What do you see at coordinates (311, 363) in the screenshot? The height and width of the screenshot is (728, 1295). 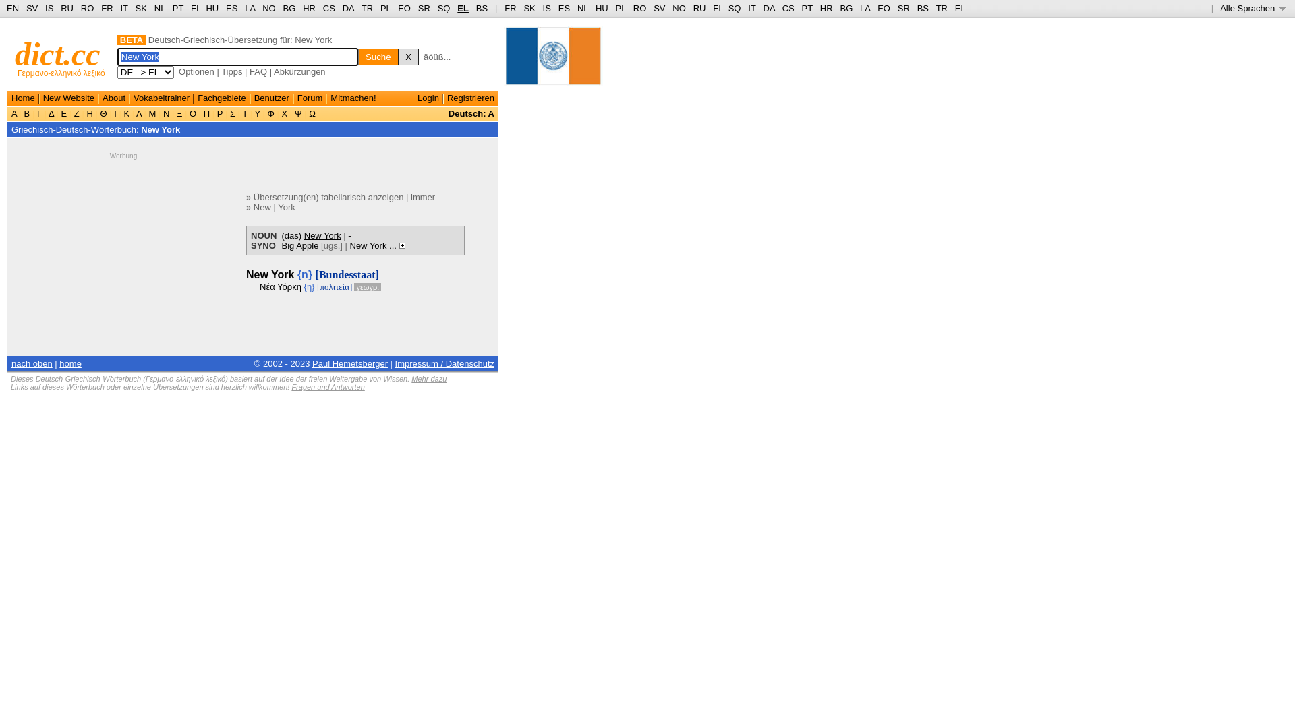 I see `'Paul Hemetsberger'` at bounding box center [311, 363].